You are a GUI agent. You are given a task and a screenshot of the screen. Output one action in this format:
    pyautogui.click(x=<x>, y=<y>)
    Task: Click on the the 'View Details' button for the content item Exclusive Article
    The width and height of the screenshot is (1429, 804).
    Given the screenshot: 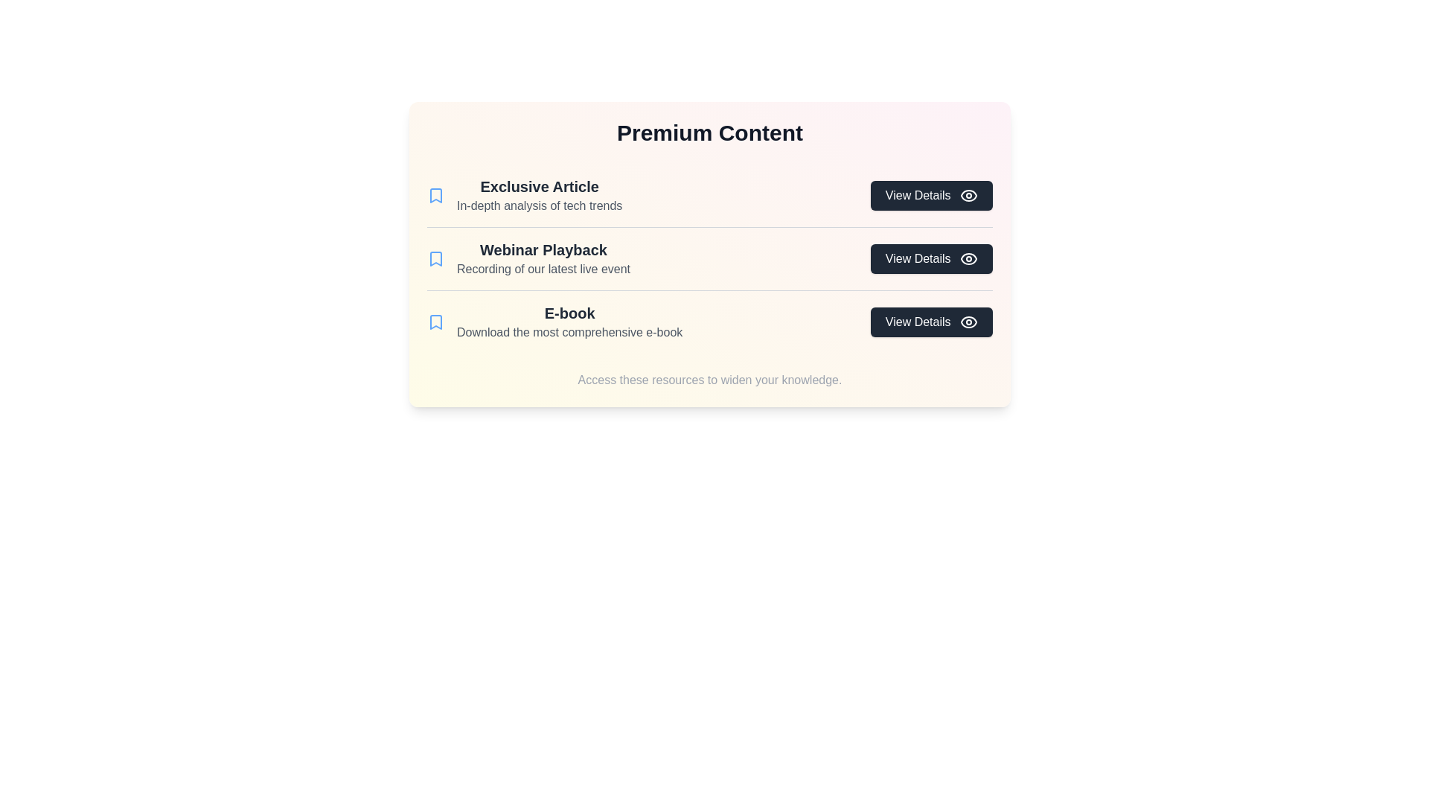 What is the action you would take?
    pyautogui.click(x=930, y=194)
    